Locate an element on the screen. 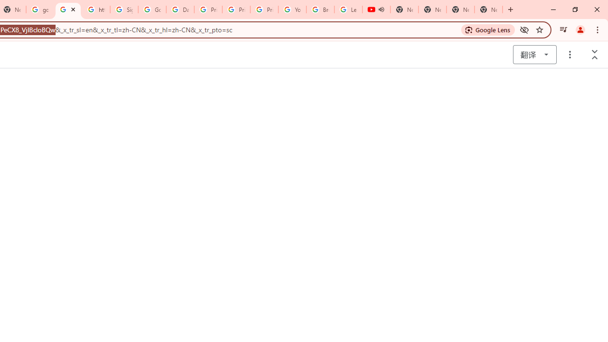 This screenshot has height=342, width=608. 'https://scholar.google.com/' is located at coordinates (96, 9).